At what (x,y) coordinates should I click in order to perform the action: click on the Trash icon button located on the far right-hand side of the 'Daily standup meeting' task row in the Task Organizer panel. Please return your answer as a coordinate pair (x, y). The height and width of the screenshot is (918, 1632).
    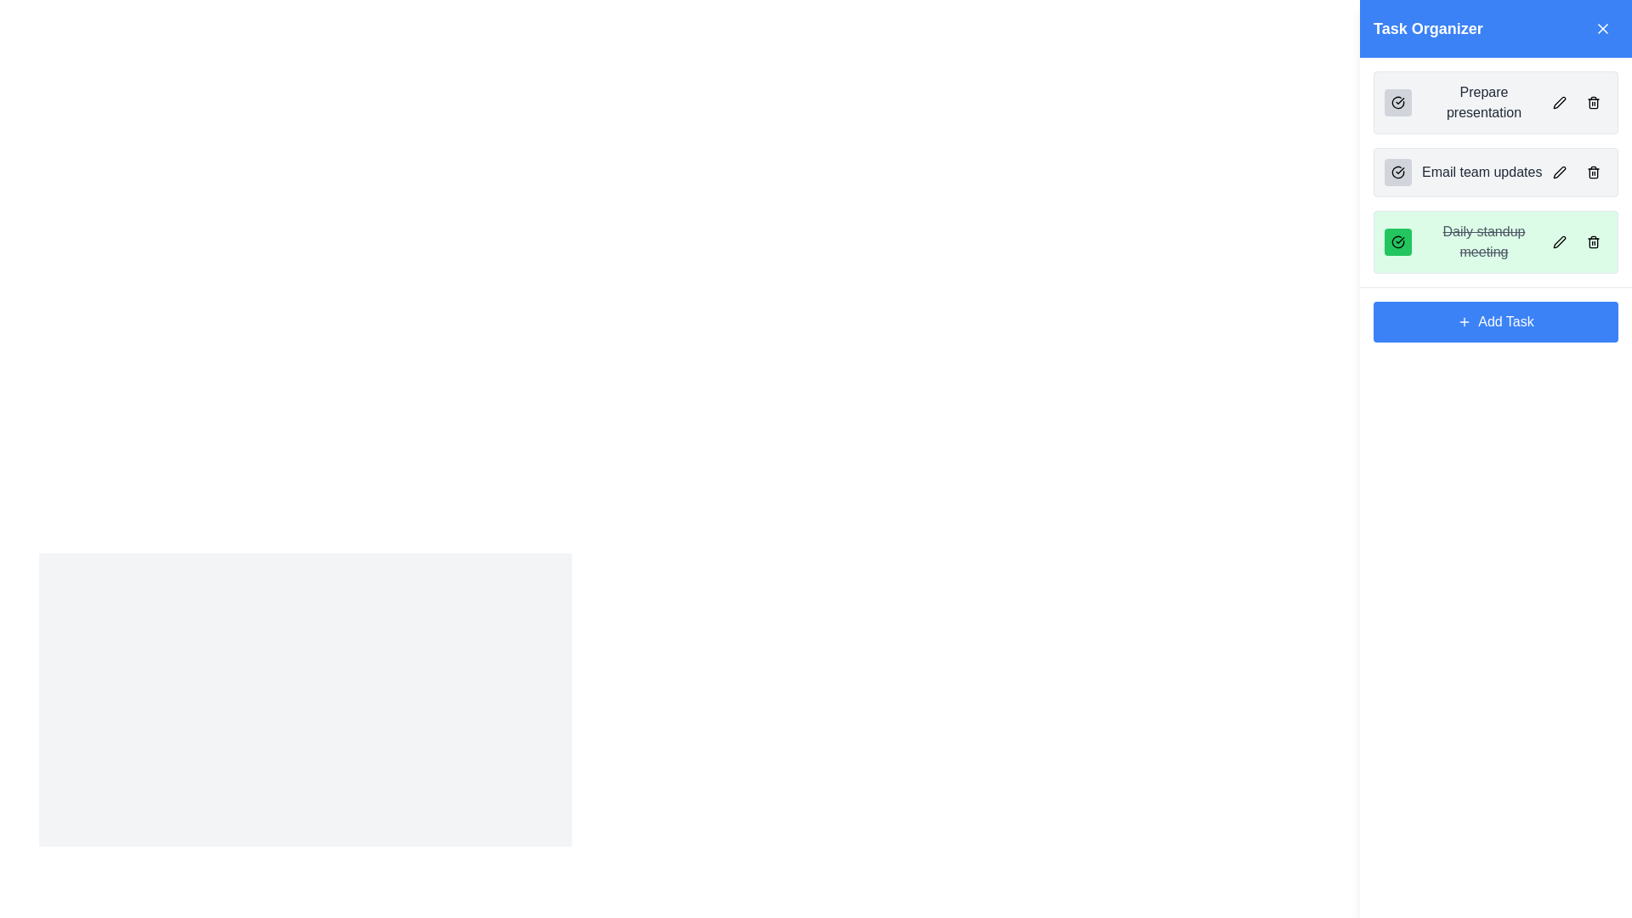
    Looking at the image, I should click on (1593, 242).